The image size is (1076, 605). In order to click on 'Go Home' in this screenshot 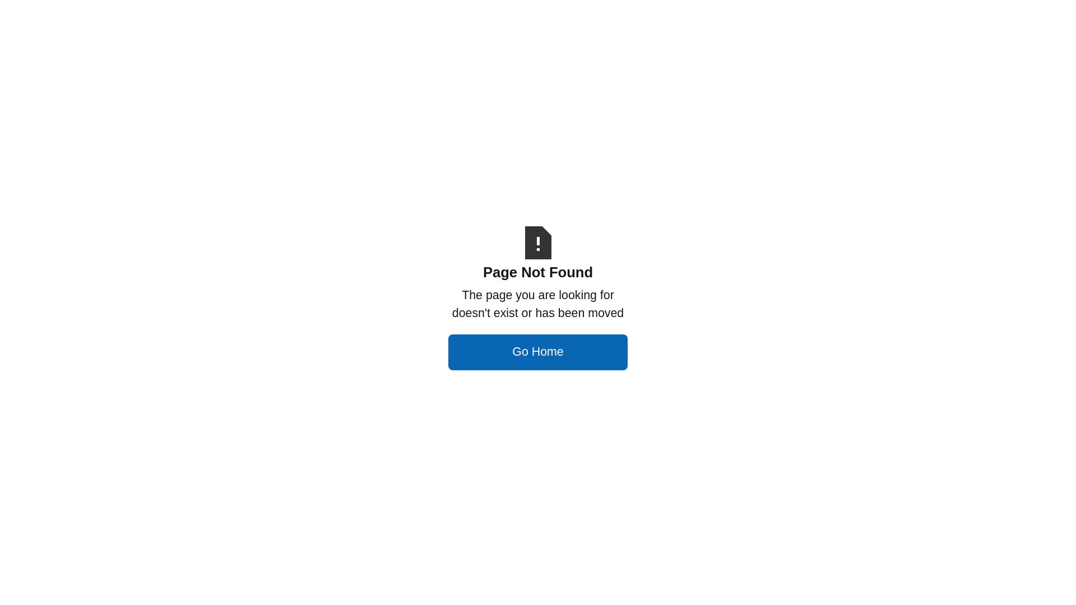, I will do `click(538, 351)`.